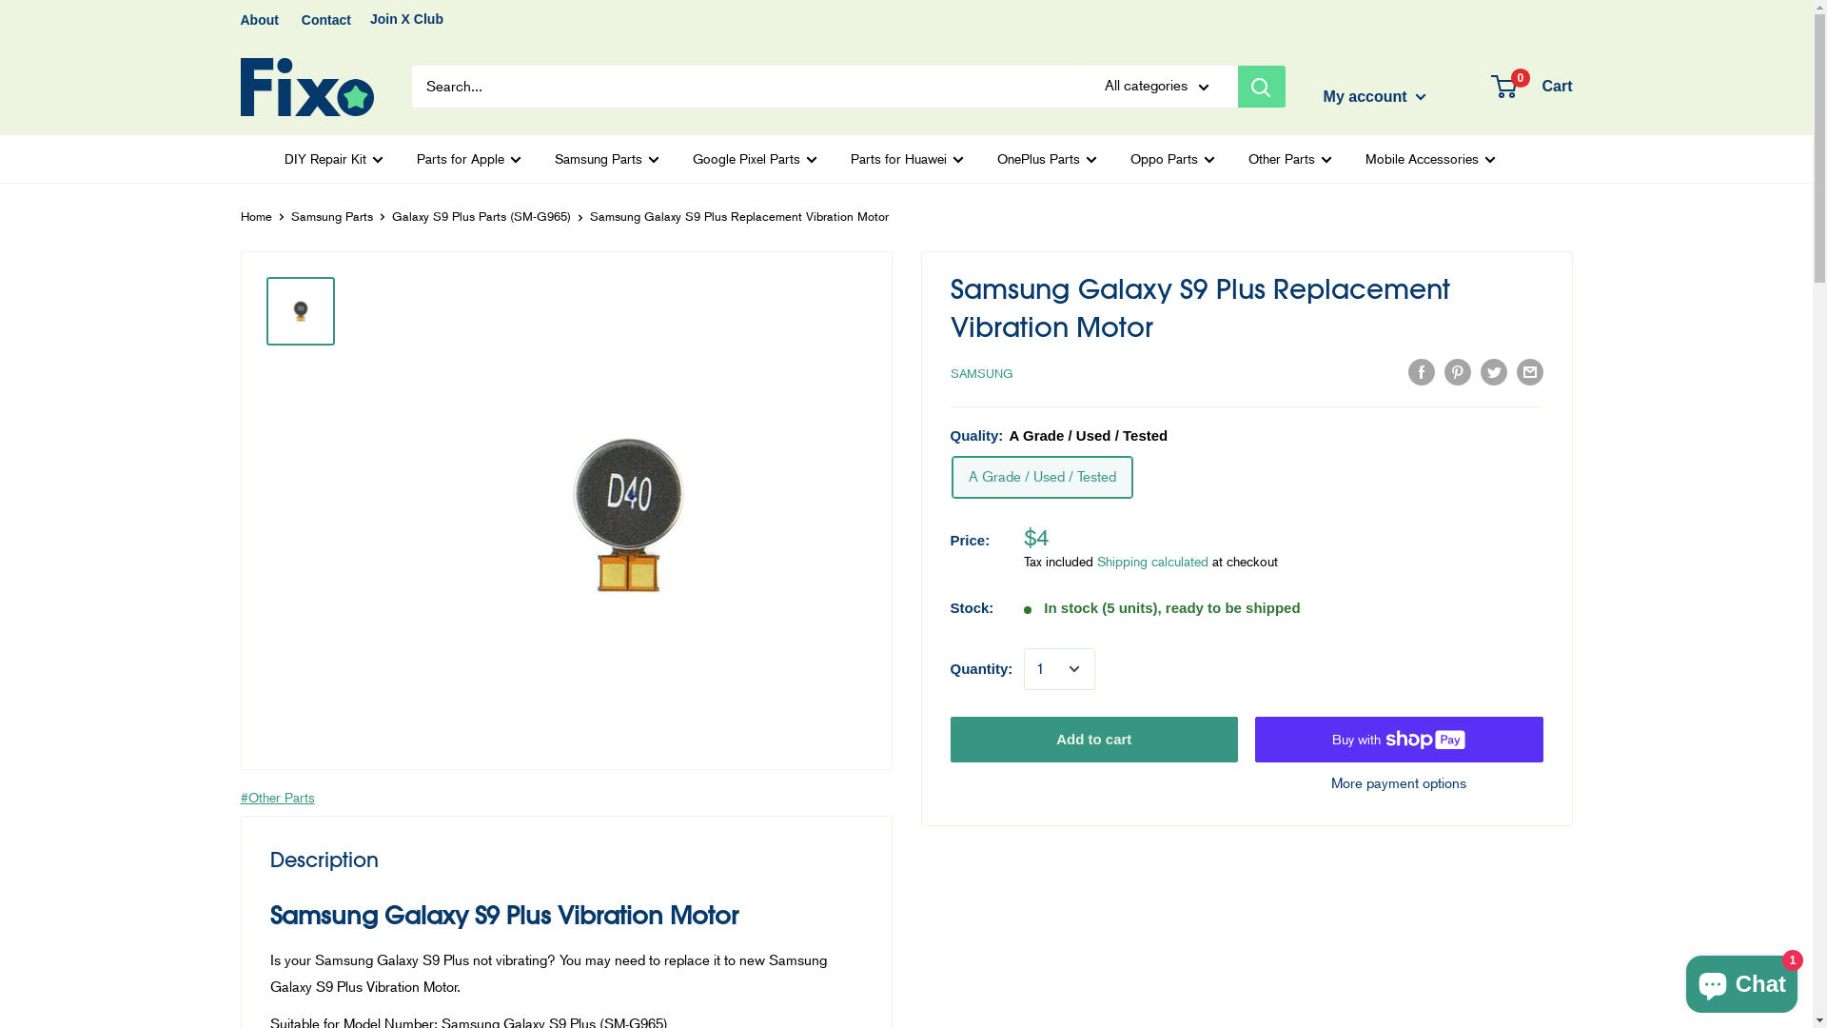 The width and height of the screenshot is (1827, 1028). I want to click on 'OnePlus Parts', so click(1046, 158).